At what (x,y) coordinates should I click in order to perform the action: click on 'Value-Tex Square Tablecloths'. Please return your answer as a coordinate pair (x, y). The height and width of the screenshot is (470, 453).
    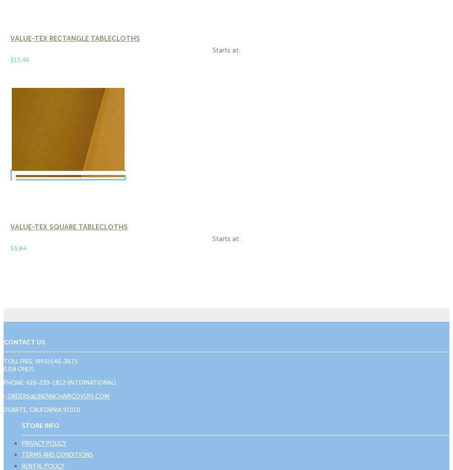
    Looking at the image, I should click on (69, 226).